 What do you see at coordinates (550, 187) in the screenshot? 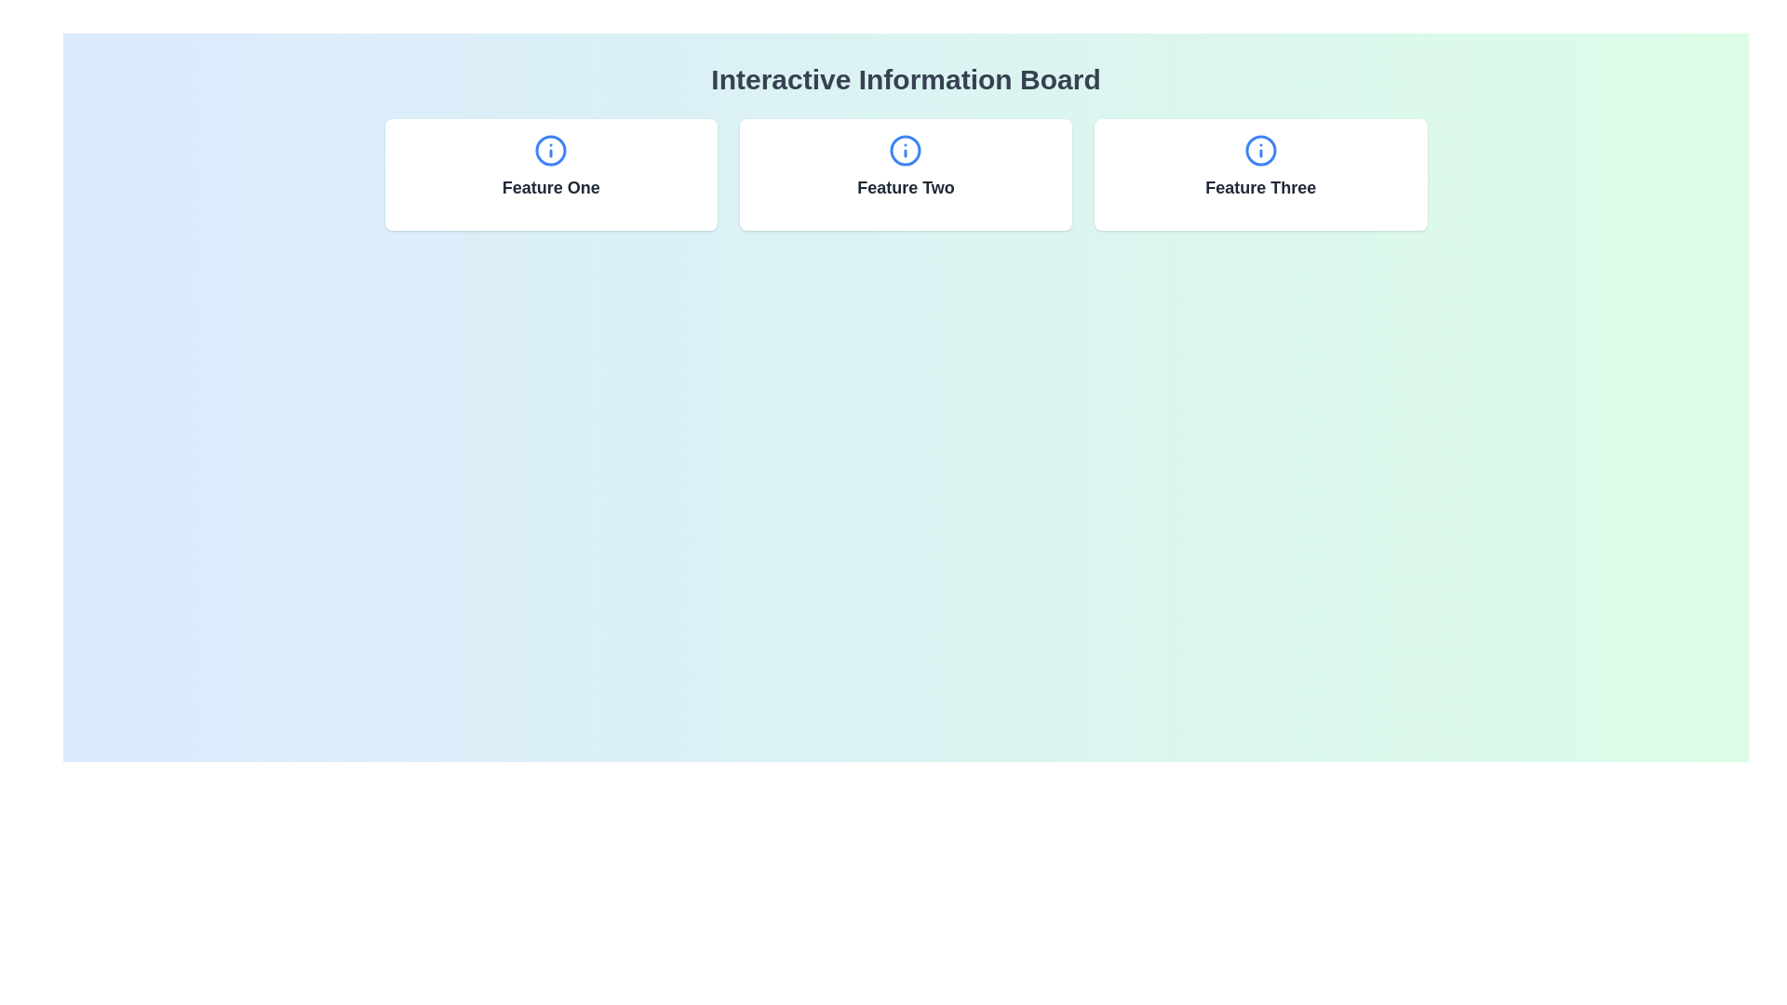
I see `the 'Feature One' text label, which is styled with a large font size, bold weight, and dark gray color` at bounding box center [550, 187].